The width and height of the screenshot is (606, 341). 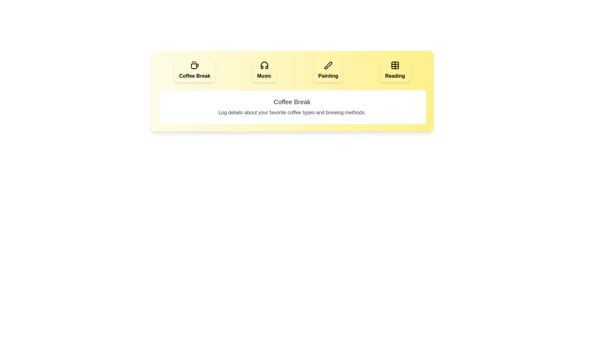 What do you see at coordinates (328, 75) in the screenshot?
I see `'Painting' label element, which provides a description for the 'Painting' button located below an icon in the third position of a set of four horizontally aligned buttons` at bounding box center [328, 75].